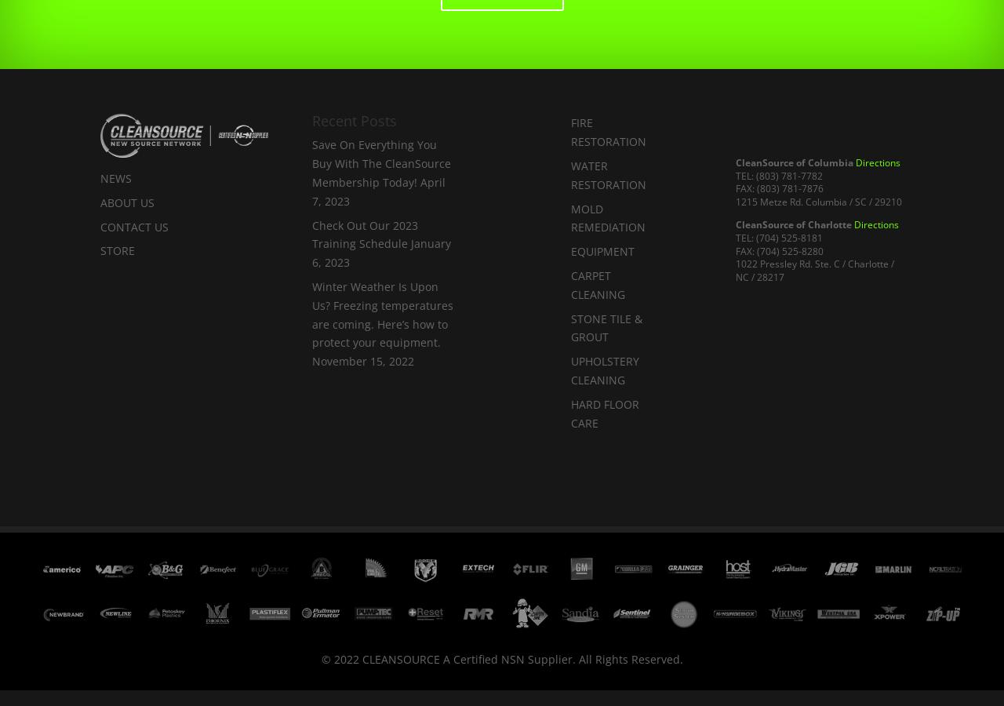 The image size is (1004, 706). I want to click on 'FAX: (704) 525-8280', so click(780, 249).